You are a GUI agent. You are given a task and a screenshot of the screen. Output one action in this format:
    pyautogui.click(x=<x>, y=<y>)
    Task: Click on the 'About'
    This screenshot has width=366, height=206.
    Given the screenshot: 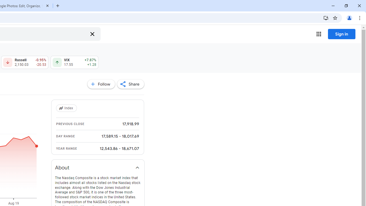 What is the action you would take?
    pyautogui.click(x=98, y=167)
    